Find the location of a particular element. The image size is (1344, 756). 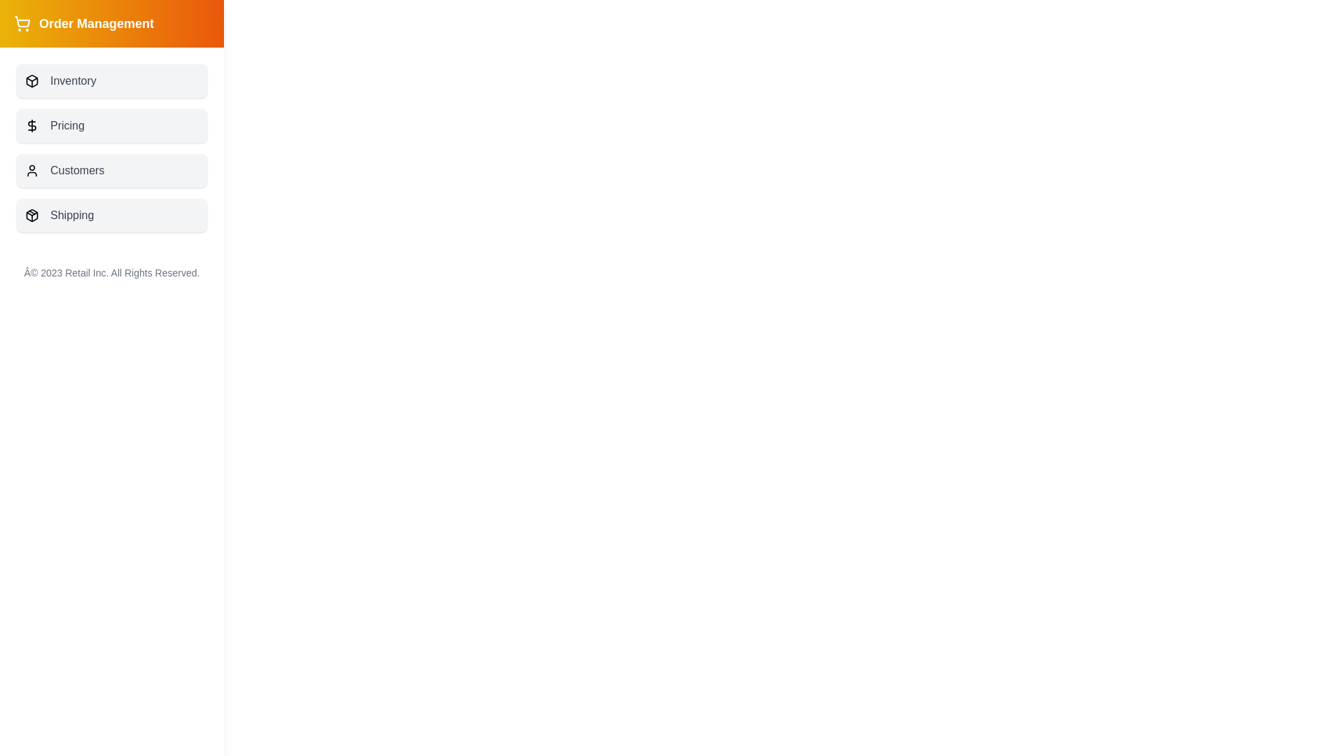

the button labeled 'Shipping' to observe visual feedback is located at coordinates (111, 216).